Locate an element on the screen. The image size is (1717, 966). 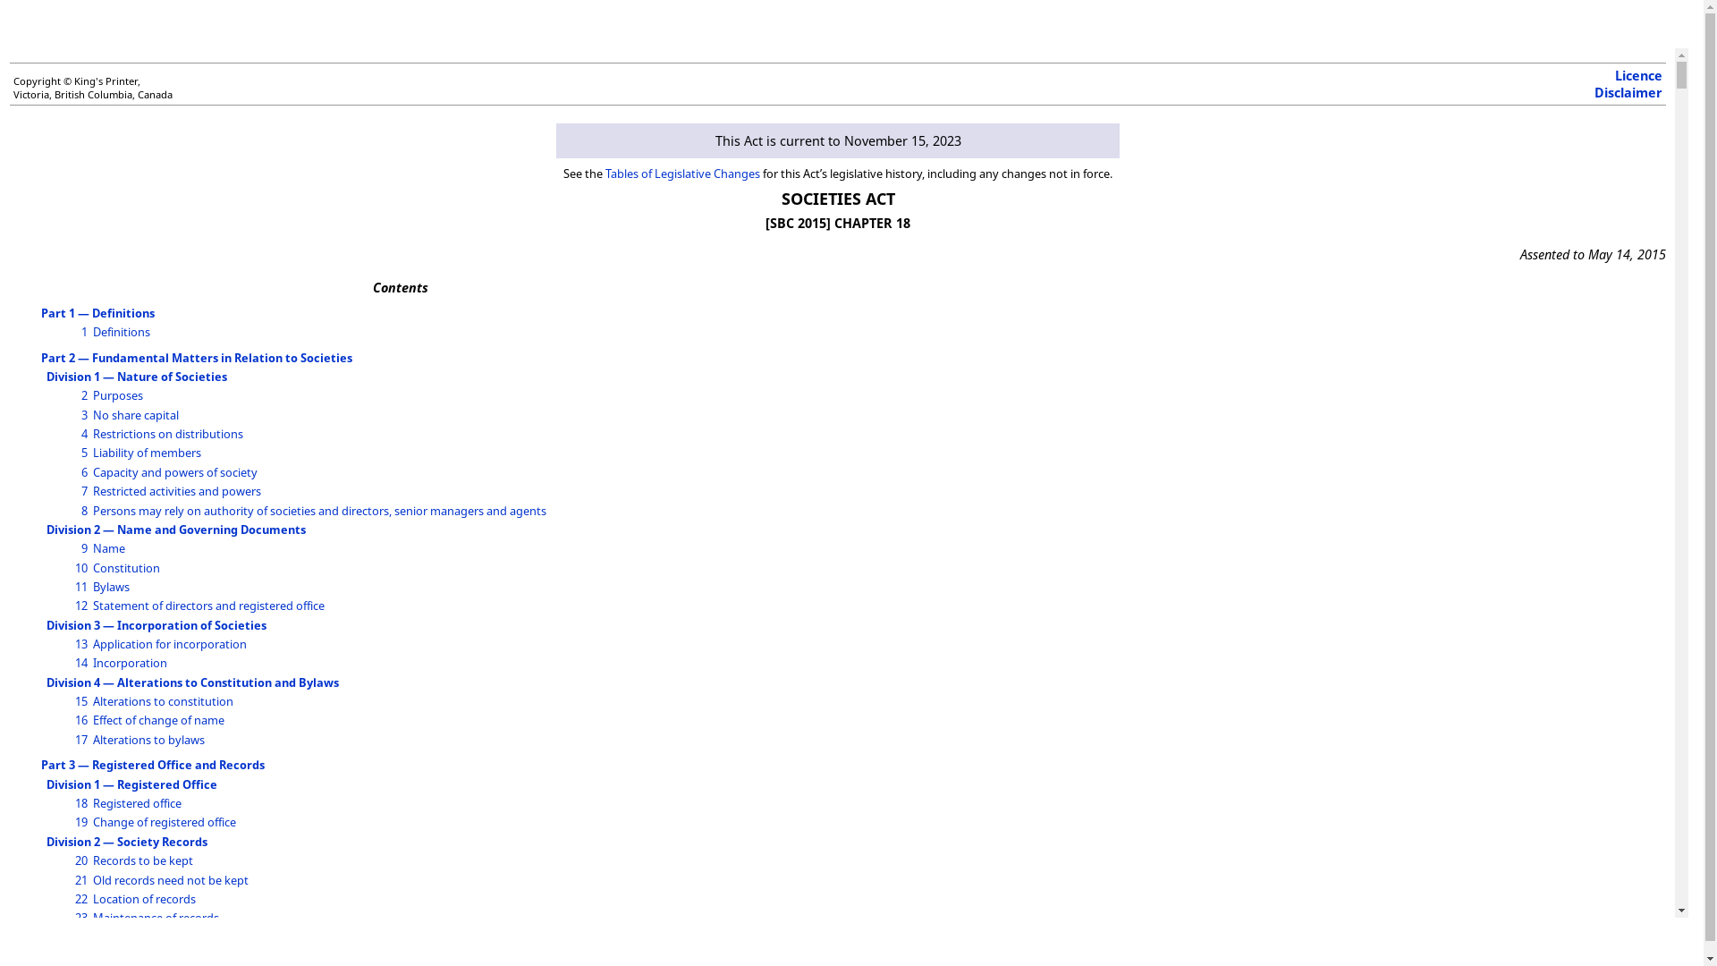
'2' is located at coordinates (83, 394).